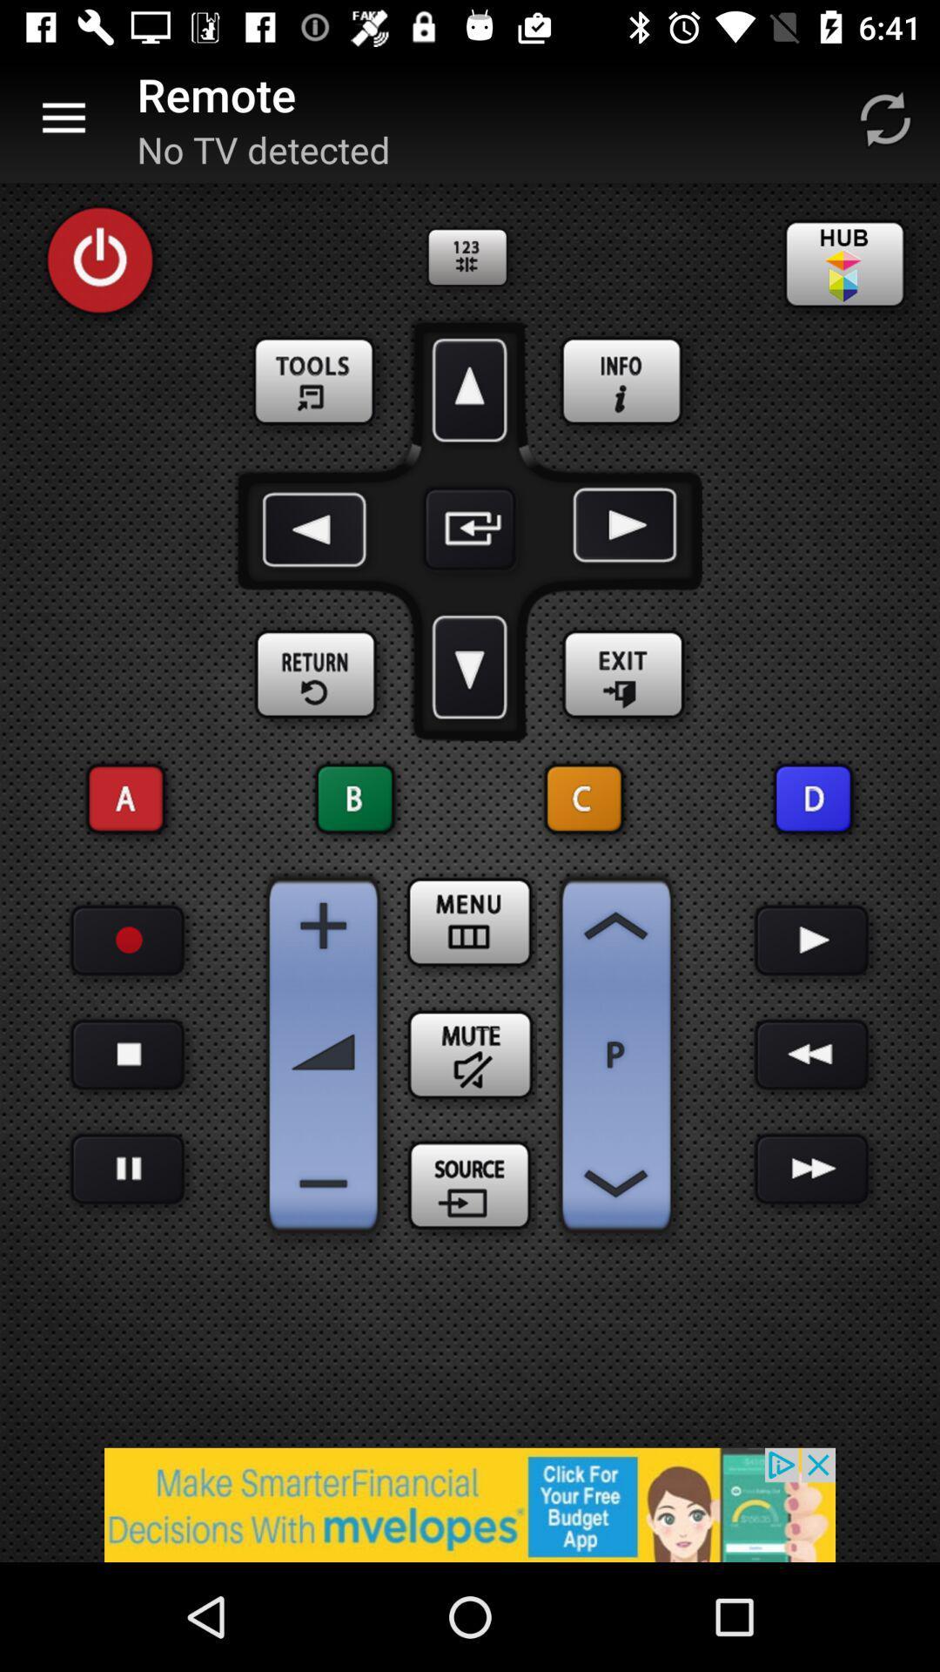 This screenshot has width=940, height=1672. What do you see at coordinates (885, 118) in the screenshot?
I see `go rottate botten` at bounding box center [885, 118].